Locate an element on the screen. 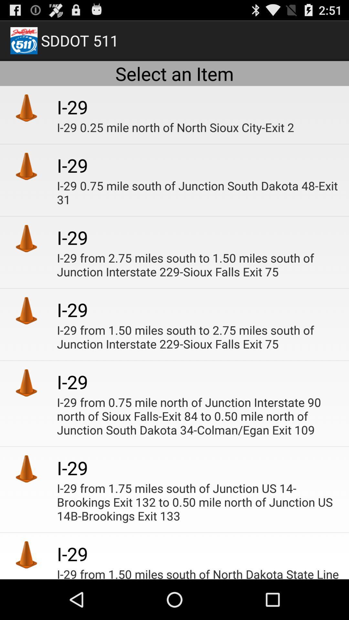 This screenshot has width=349, height=620. the image at left side of sddot 511 is located at coordinates (23, 40).